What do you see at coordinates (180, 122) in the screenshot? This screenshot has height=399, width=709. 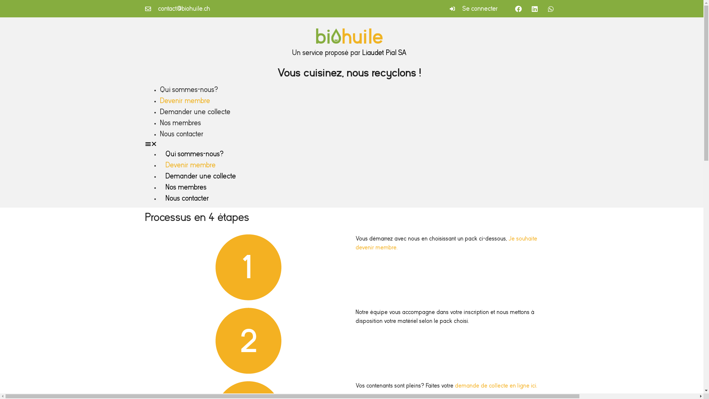 I see `'Nos membres'` at bounding box center [180, 122].